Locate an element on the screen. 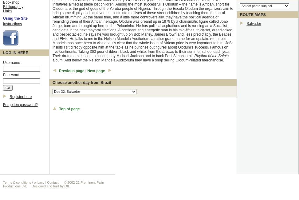 Image resolution: width=299 pixels, height=200 pixels. 'Instructions' is located at coordinates (12, 24).